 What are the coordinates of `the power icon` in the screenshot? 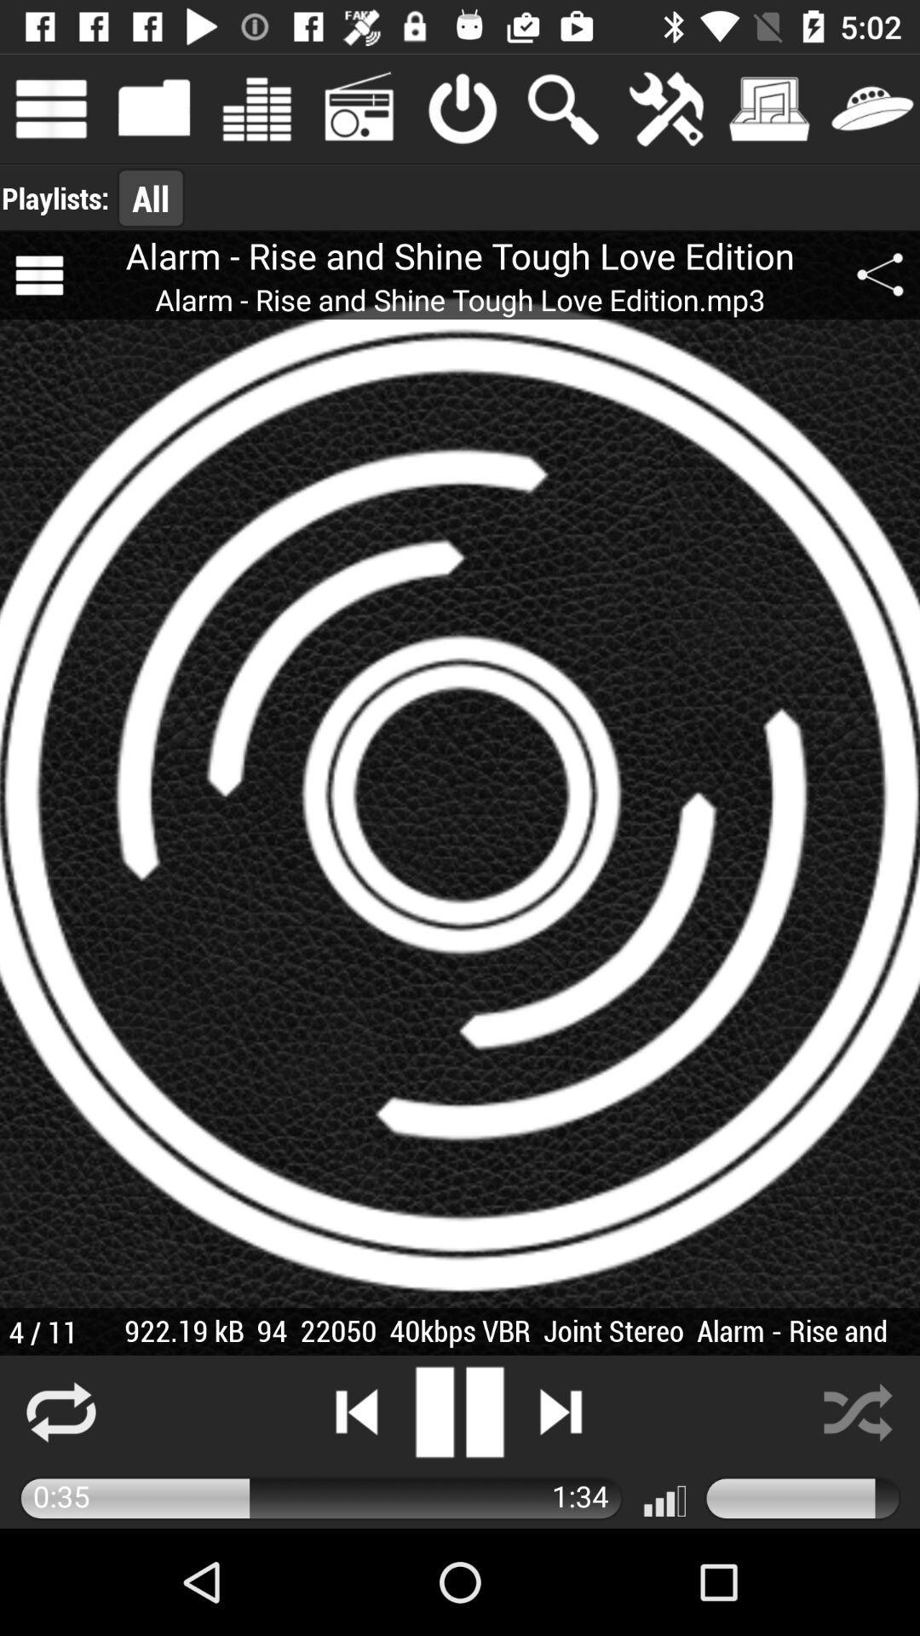 It's located at (463, 107).